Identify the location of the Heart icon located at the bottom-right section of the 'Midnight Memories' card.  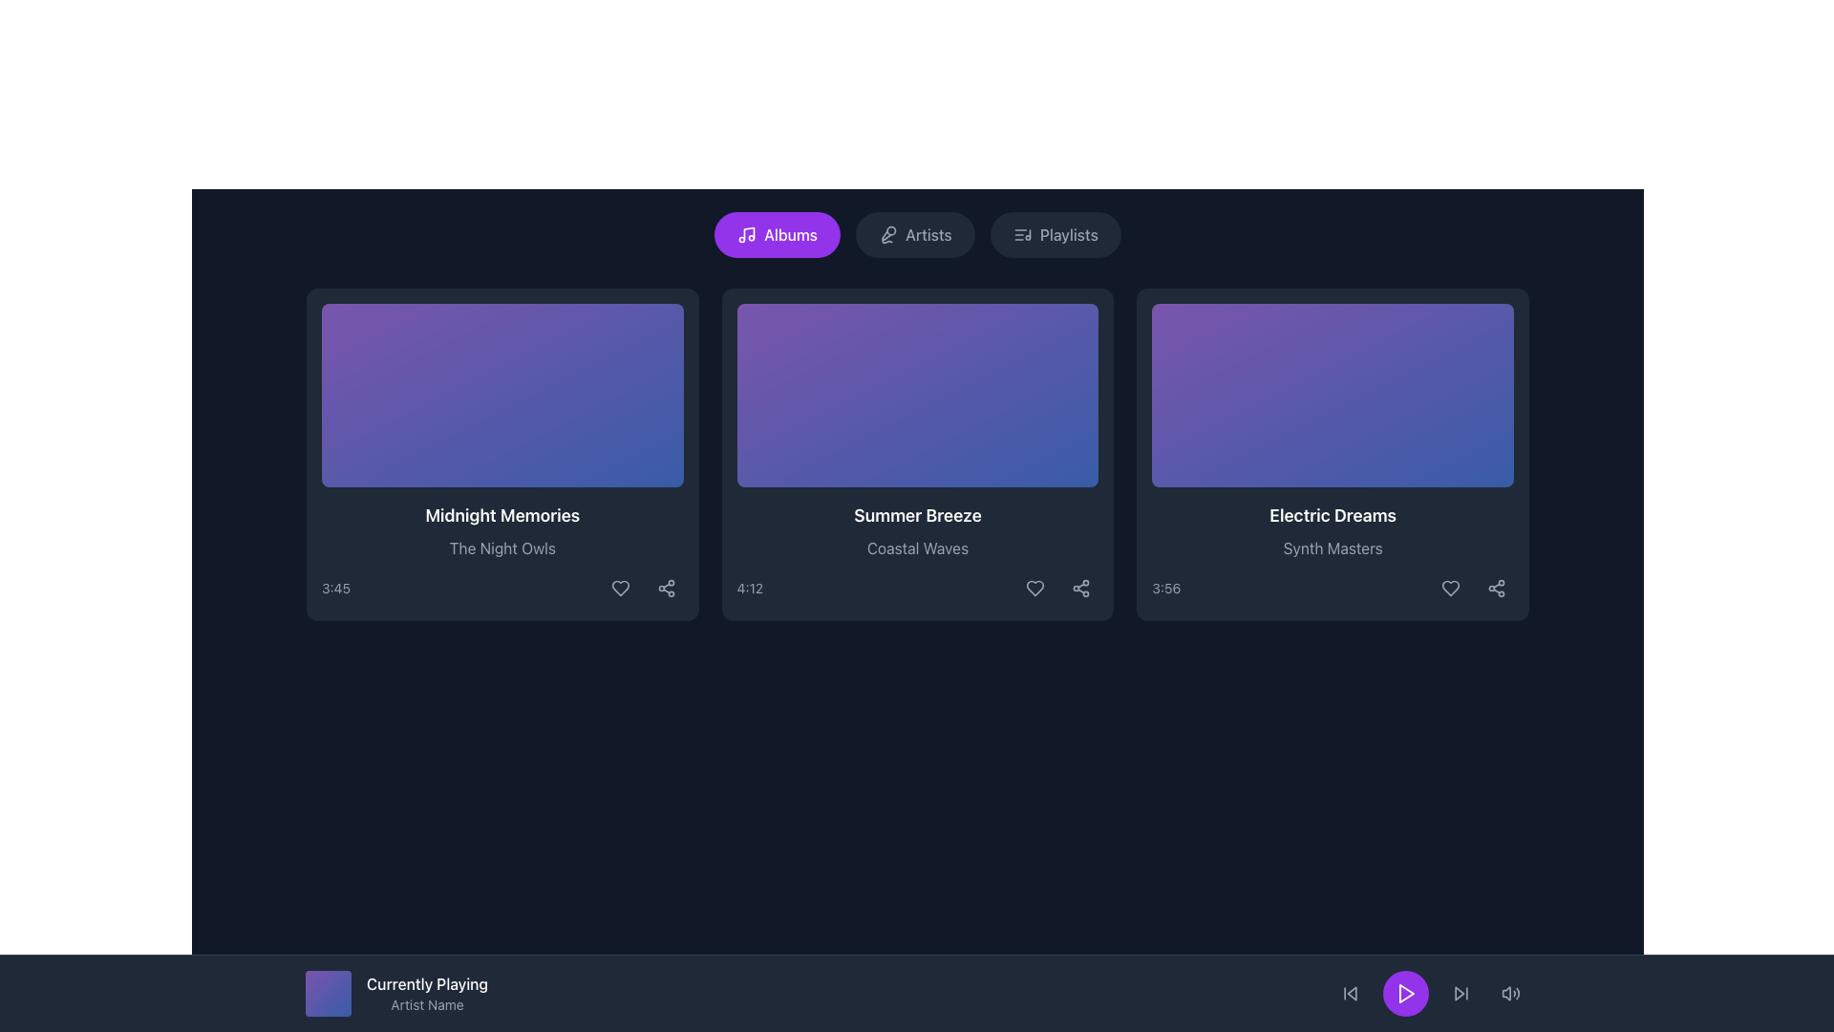
(620, 588).